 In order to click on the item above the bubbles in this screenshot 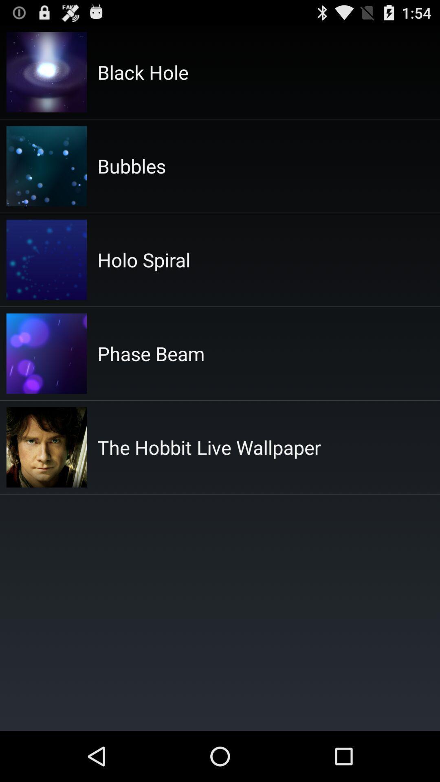, I will do `click(143, 72)`.